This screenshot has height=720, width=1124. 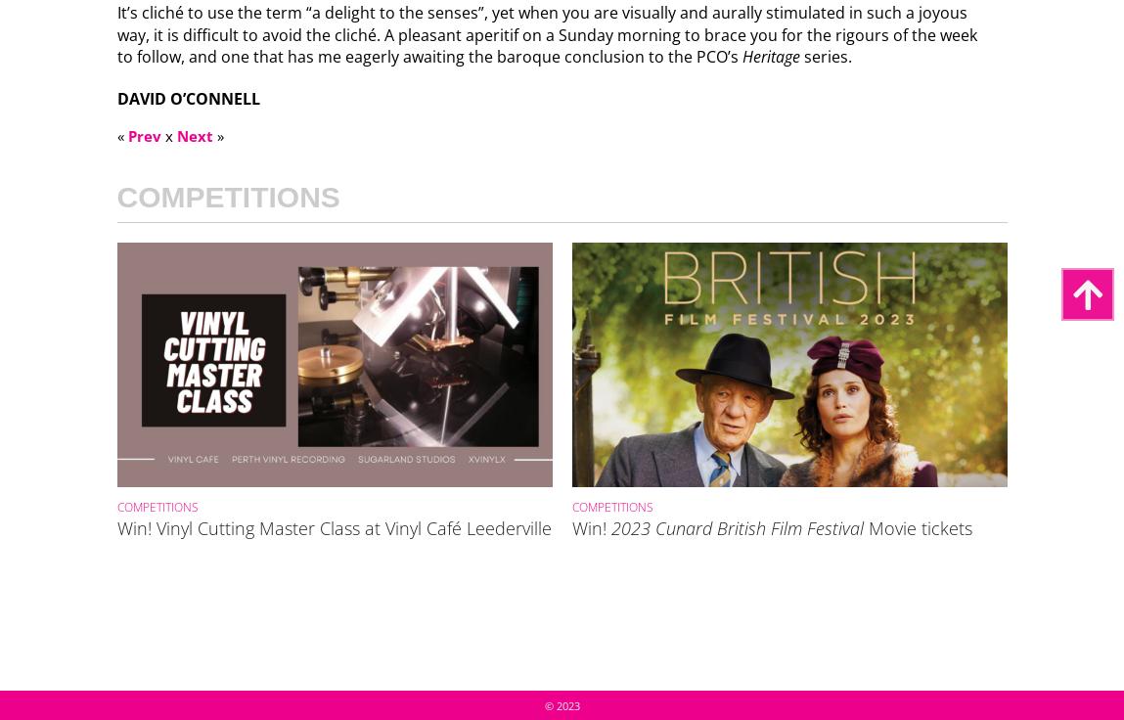 What do you see at coordinates (142, 134) in the screenshot?
I see `'Prev'` at bounding box center [142, 134].